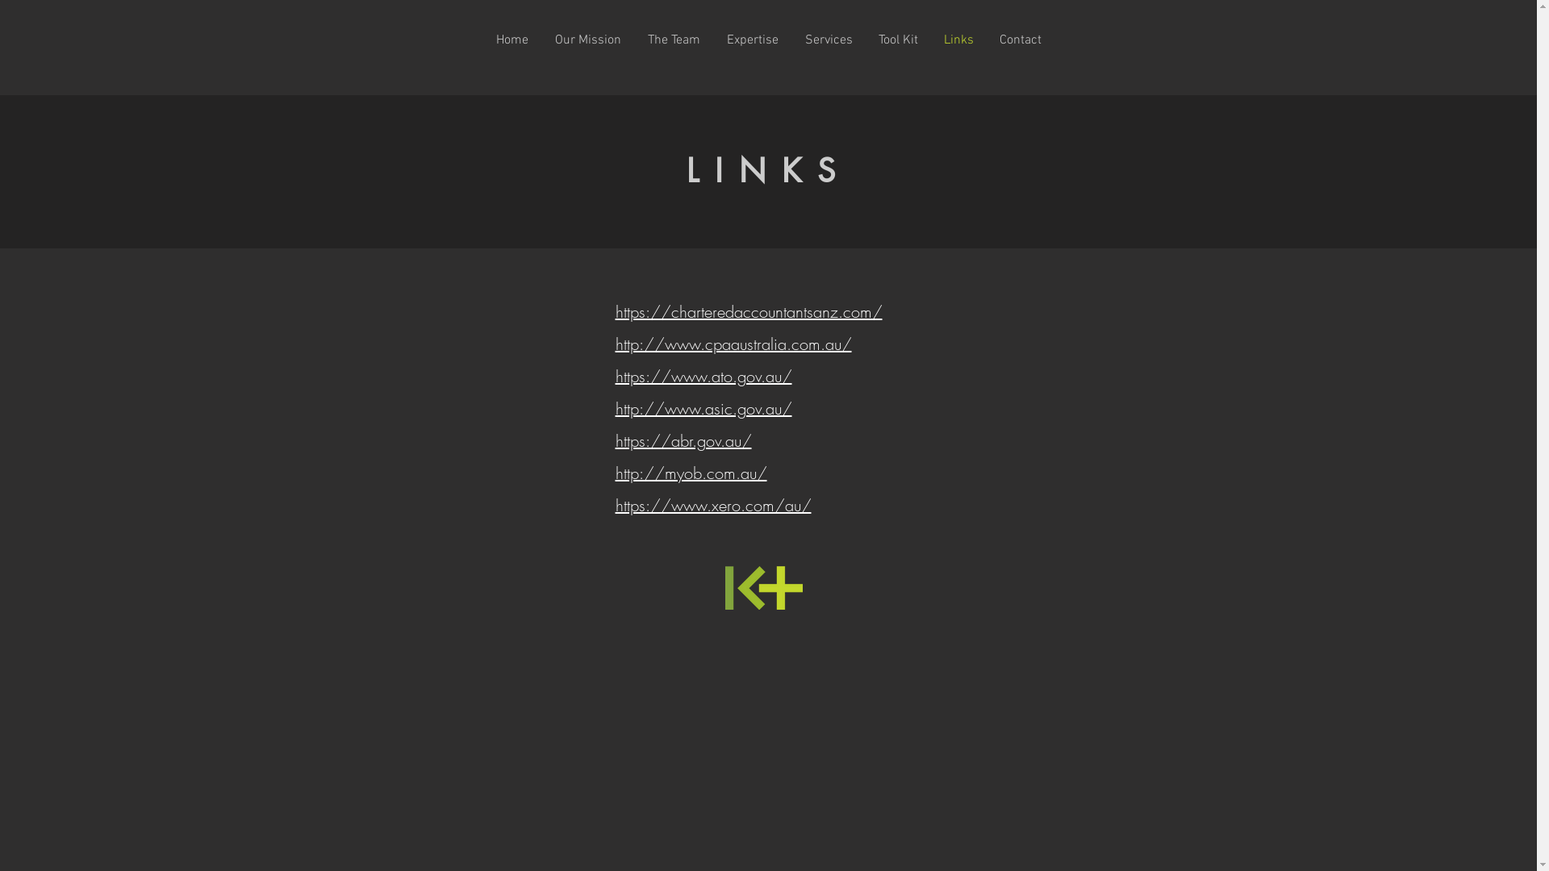  Describe the element at coordinates (896, 40) in the screenshot. I see `'Tool Kit'` at that location.